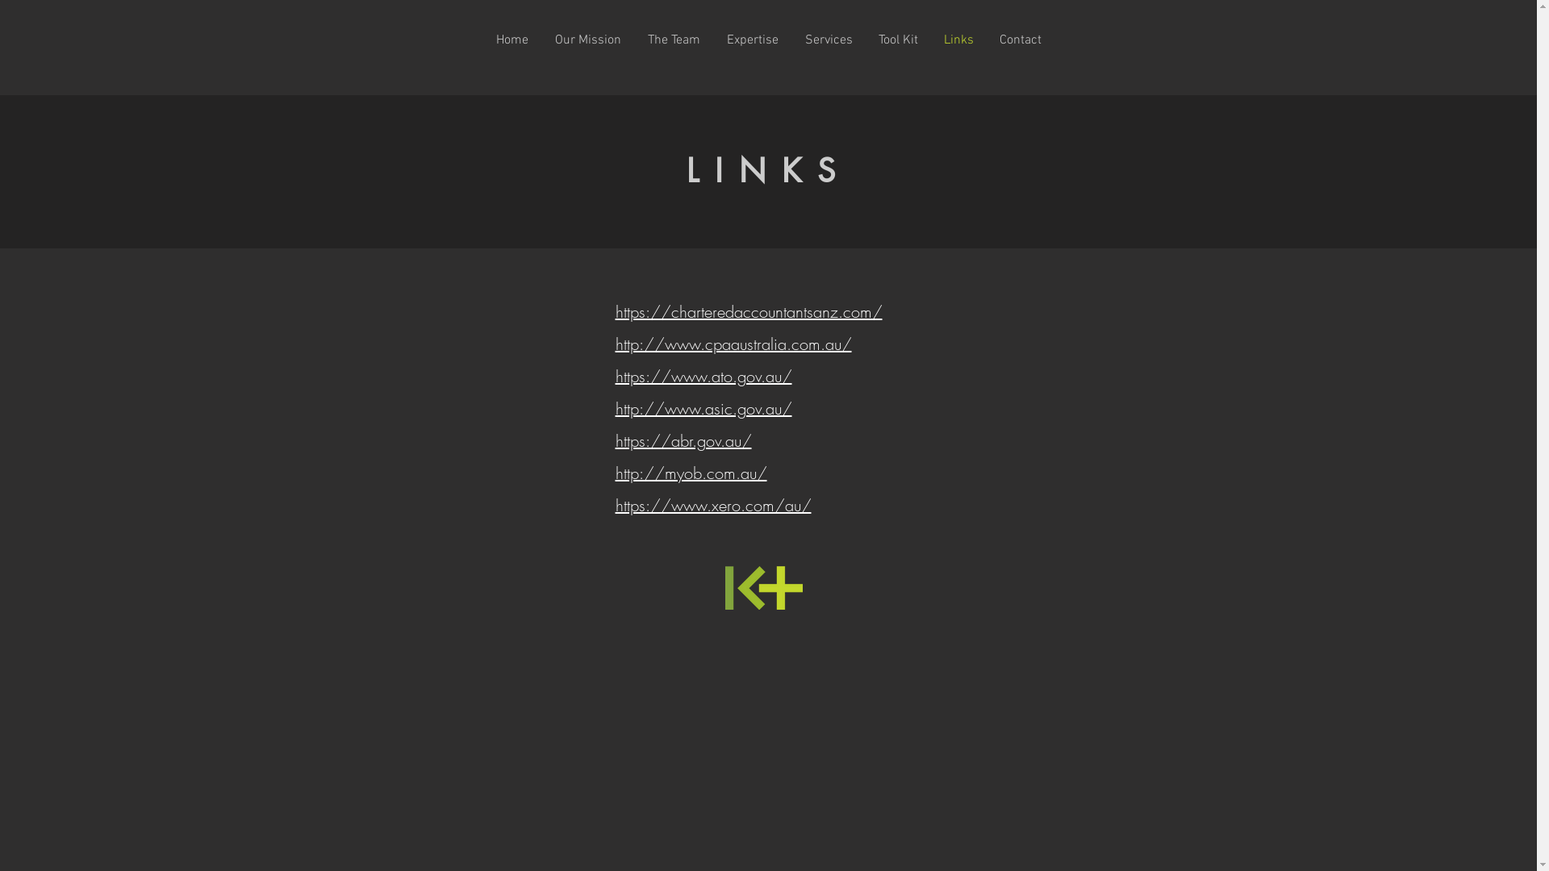  Describe the element at coordinates (896, 40) in the screenshot. I see `'Tool Kit'` at that location.